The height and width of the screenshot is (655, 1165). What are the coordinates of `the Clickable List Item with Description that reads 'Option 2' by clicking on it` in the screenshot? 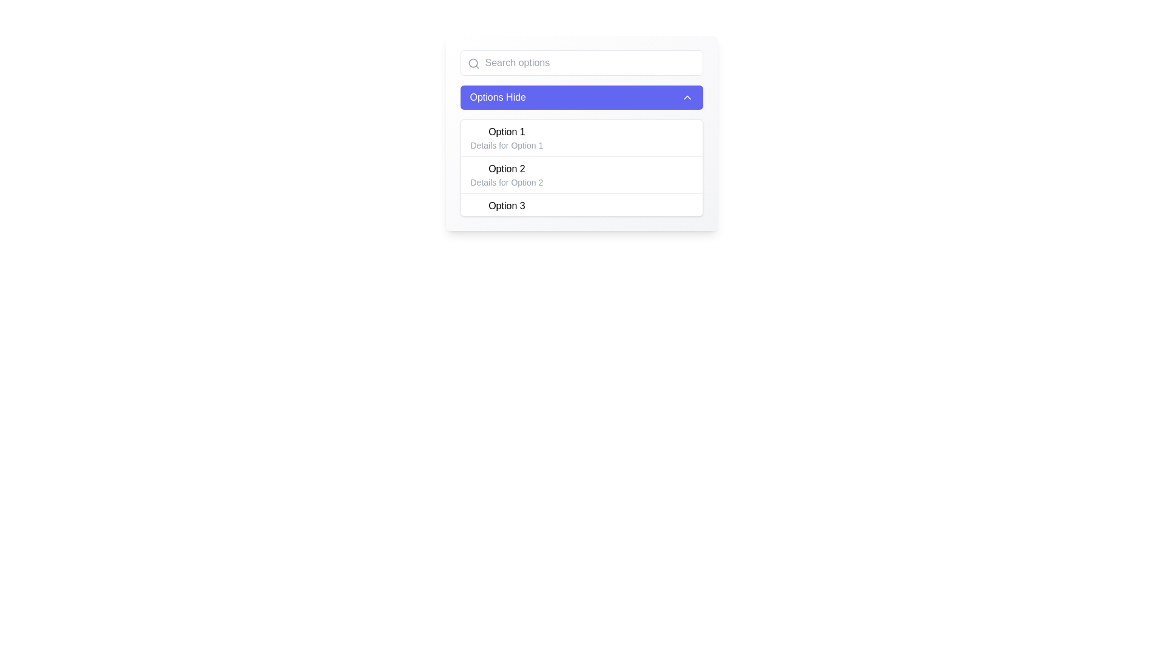 It's located at (507, 175).